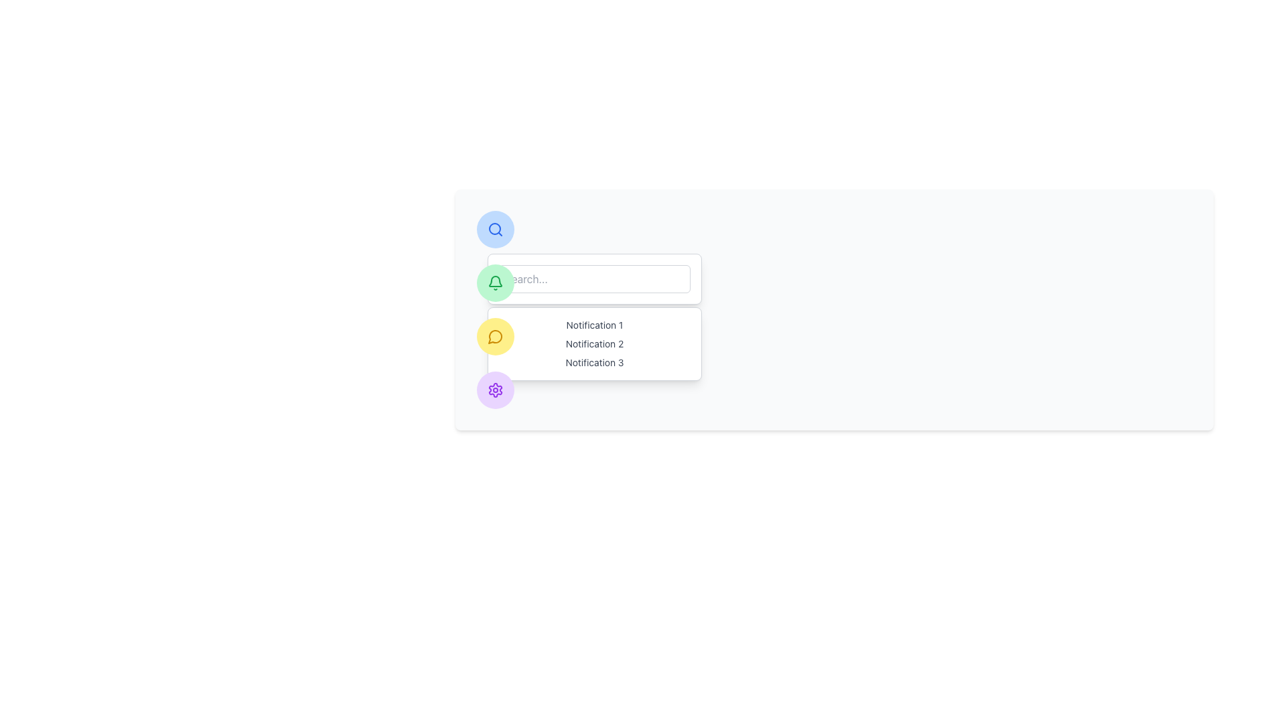 The width and height of the screenshot is (1286, 723). I want to click on the Text Label displaying 'Notification 3', which is the third item in a vertically stacked list of notifications located towards the bottom right section of the interface, so click(594, 363).